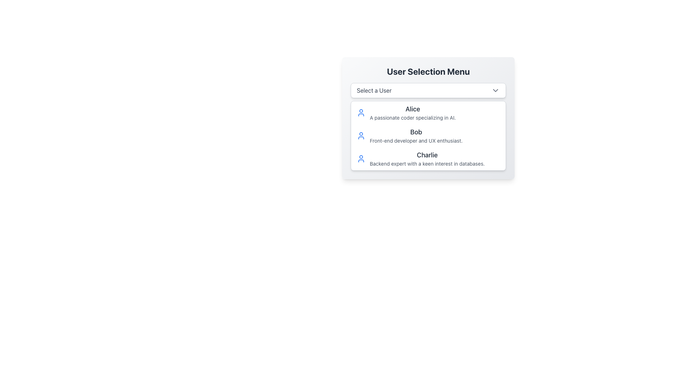 The image size is (690, 388). Describe the element at coordinates (361, 158) in the screenshot. I see `the user icon representing 'Charlie', a blue vector graphic with a circular head and stylized torso, located at the leftmost side of the highlighted row` at that location.